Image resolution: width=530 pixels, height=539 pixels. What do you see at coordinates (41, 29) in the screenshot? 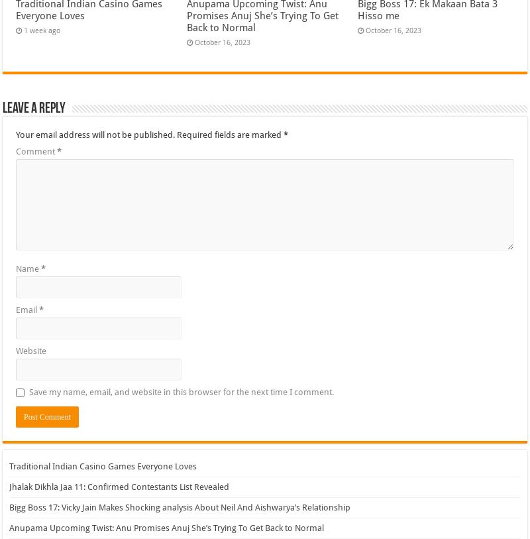
I see `'1 week ago'` at bounding box center [41, 29].